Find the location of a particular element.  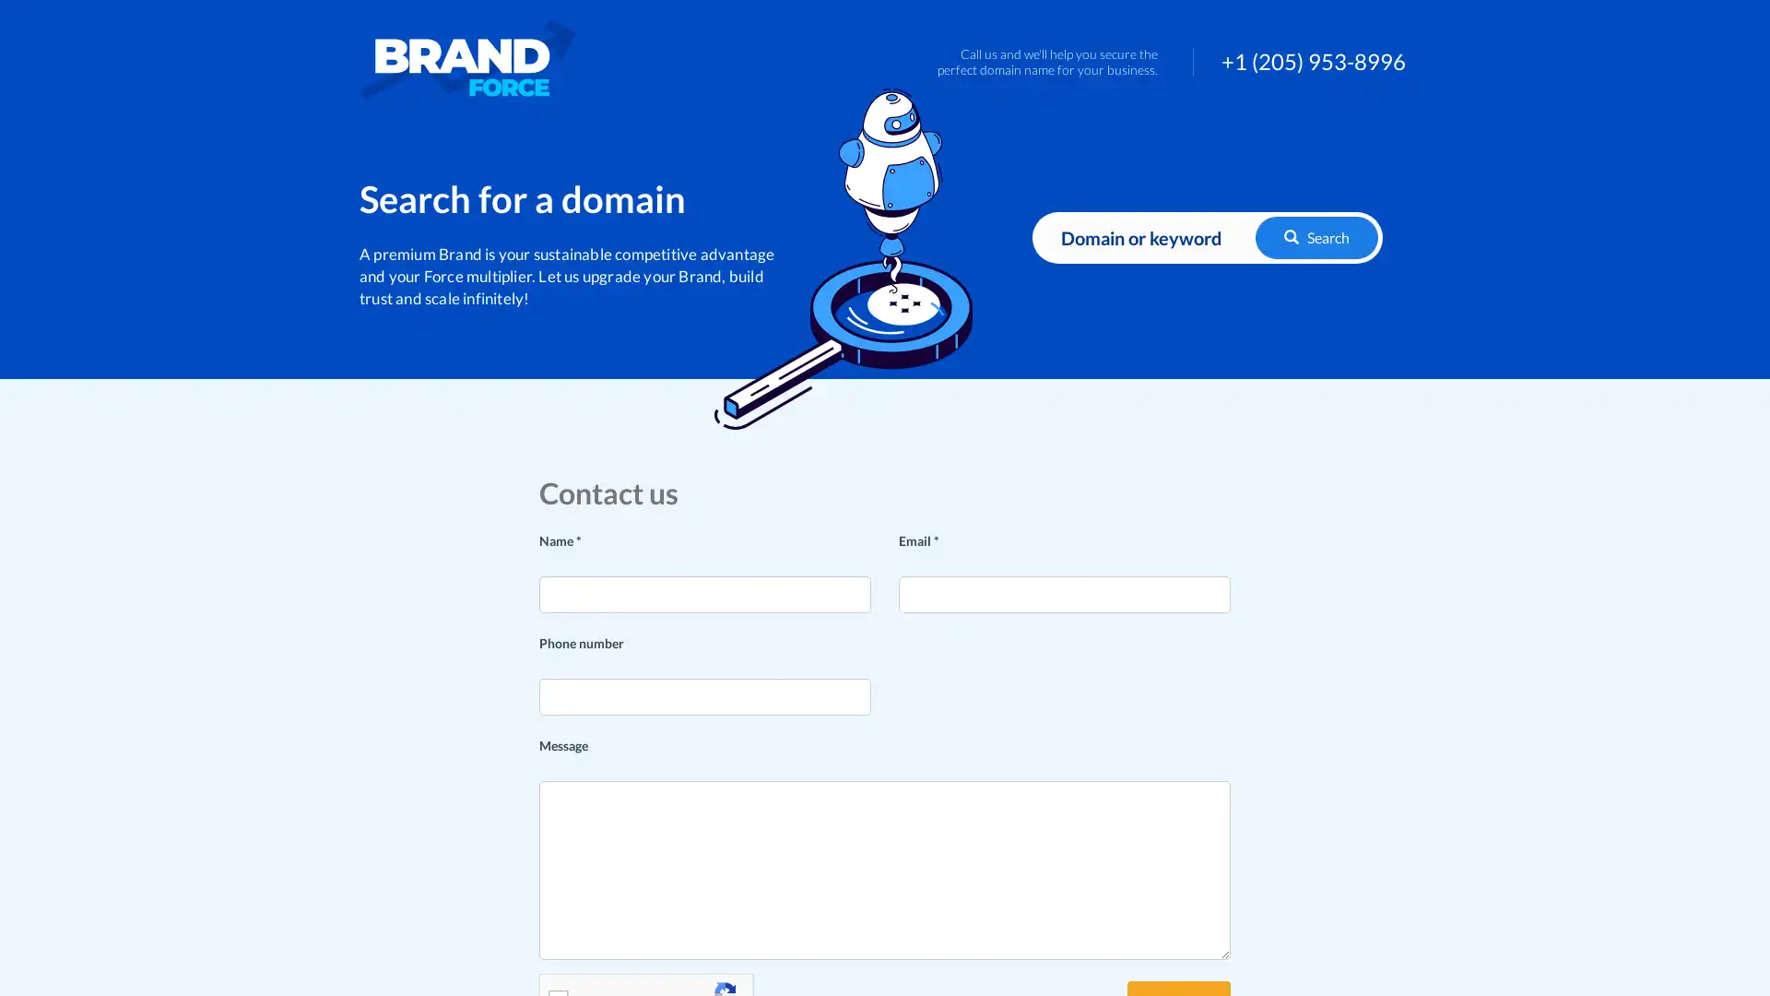

Search is located at coordinates (1316, 236).